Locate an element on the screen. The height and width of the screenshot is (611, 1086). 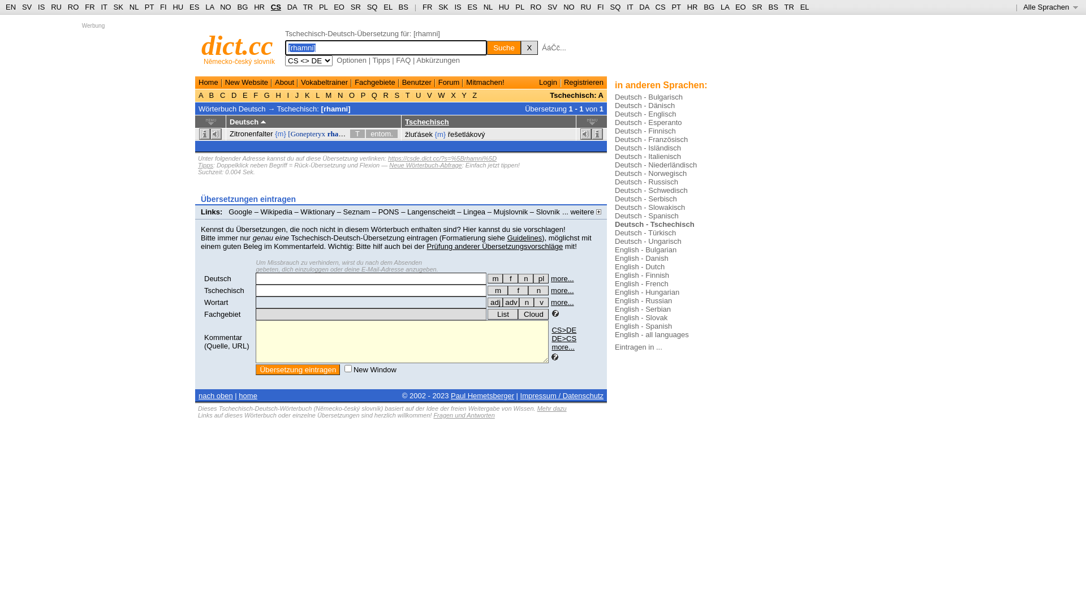
'Q' is located at coordinates (374, 94).